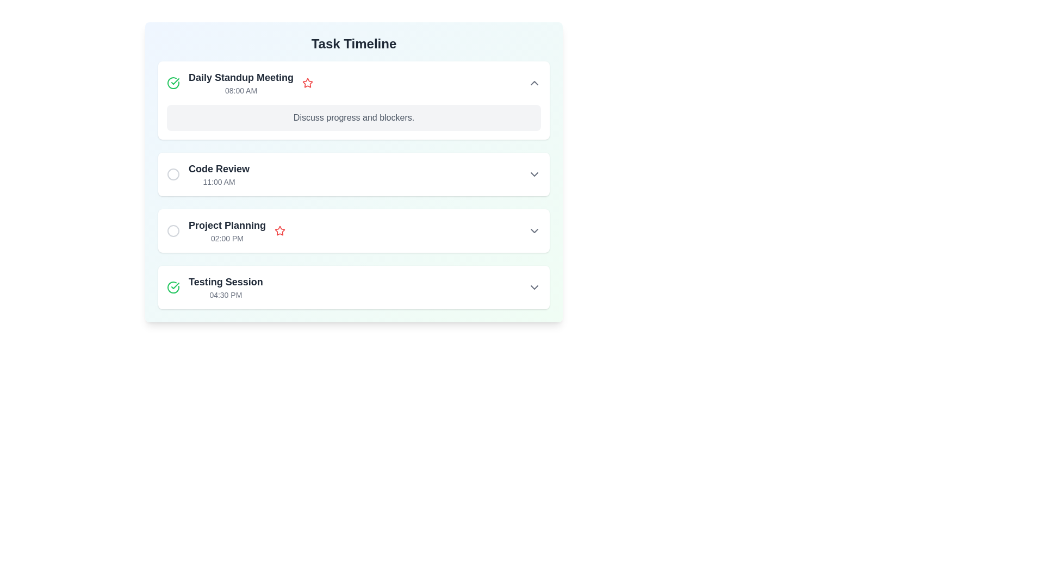 The height and width of the screenshot is (587, 1044). Describe the element at coordinates (279, 230) in the screenshot. I see `the red star icon located to the right of the 'Project Planning' title in the 'Task Timeline' section` at that location.